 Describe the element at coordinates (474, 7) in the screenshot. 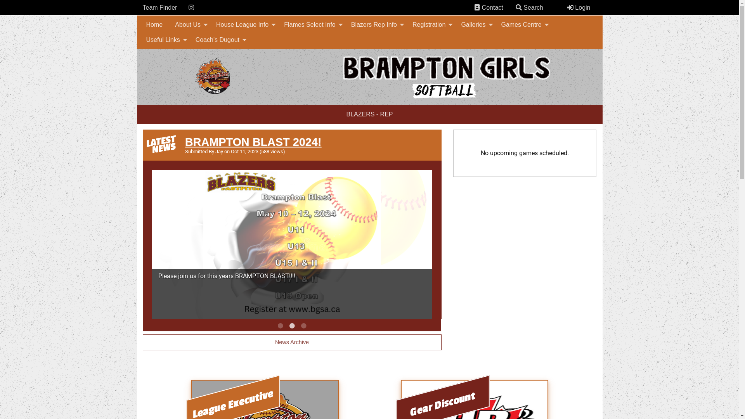

I see `'Contacts'` at that location.